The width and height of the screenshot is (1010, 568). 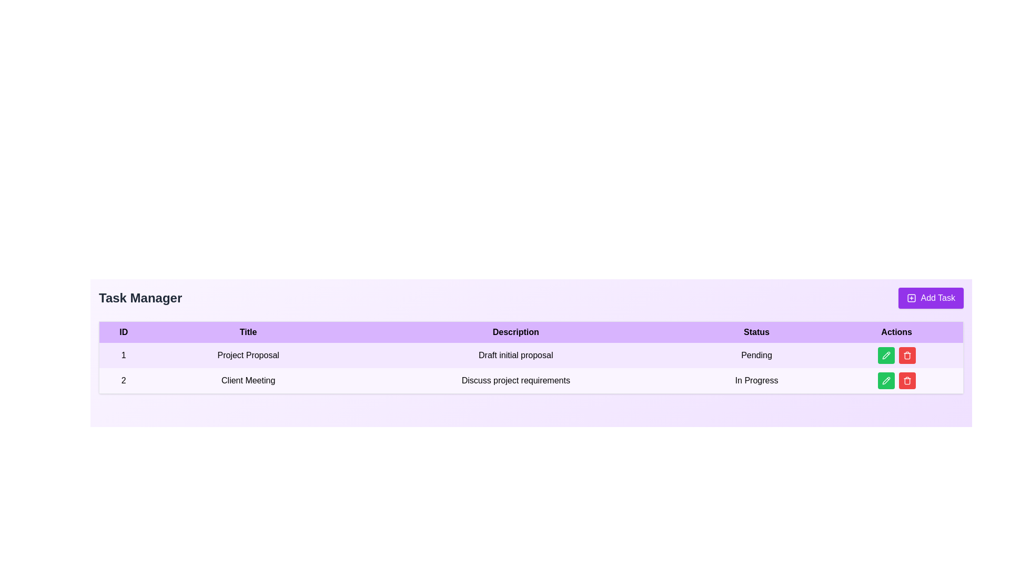 I want to click on the pencil icon button located in the second row of the 'Actions' column in the task table, so click(x=885, y=381).